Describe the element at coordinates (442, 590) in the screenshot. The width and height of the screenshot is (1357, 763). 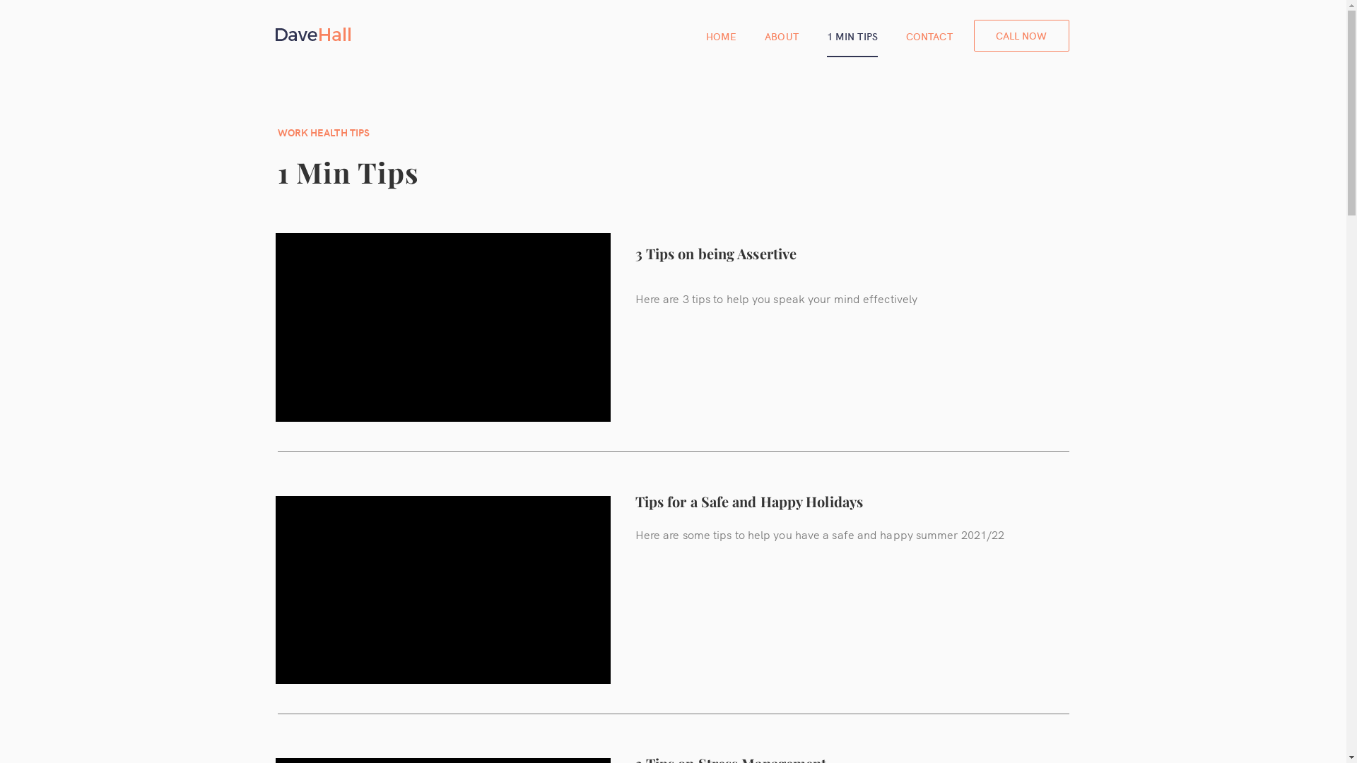
I see `'youtube Video Player'` at that location.